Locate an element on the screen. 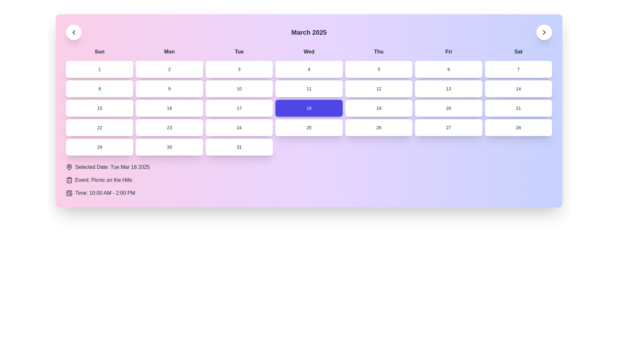  the rectangular button displaying the number '26' in the calendar grid is located at coordinates (379, 127).